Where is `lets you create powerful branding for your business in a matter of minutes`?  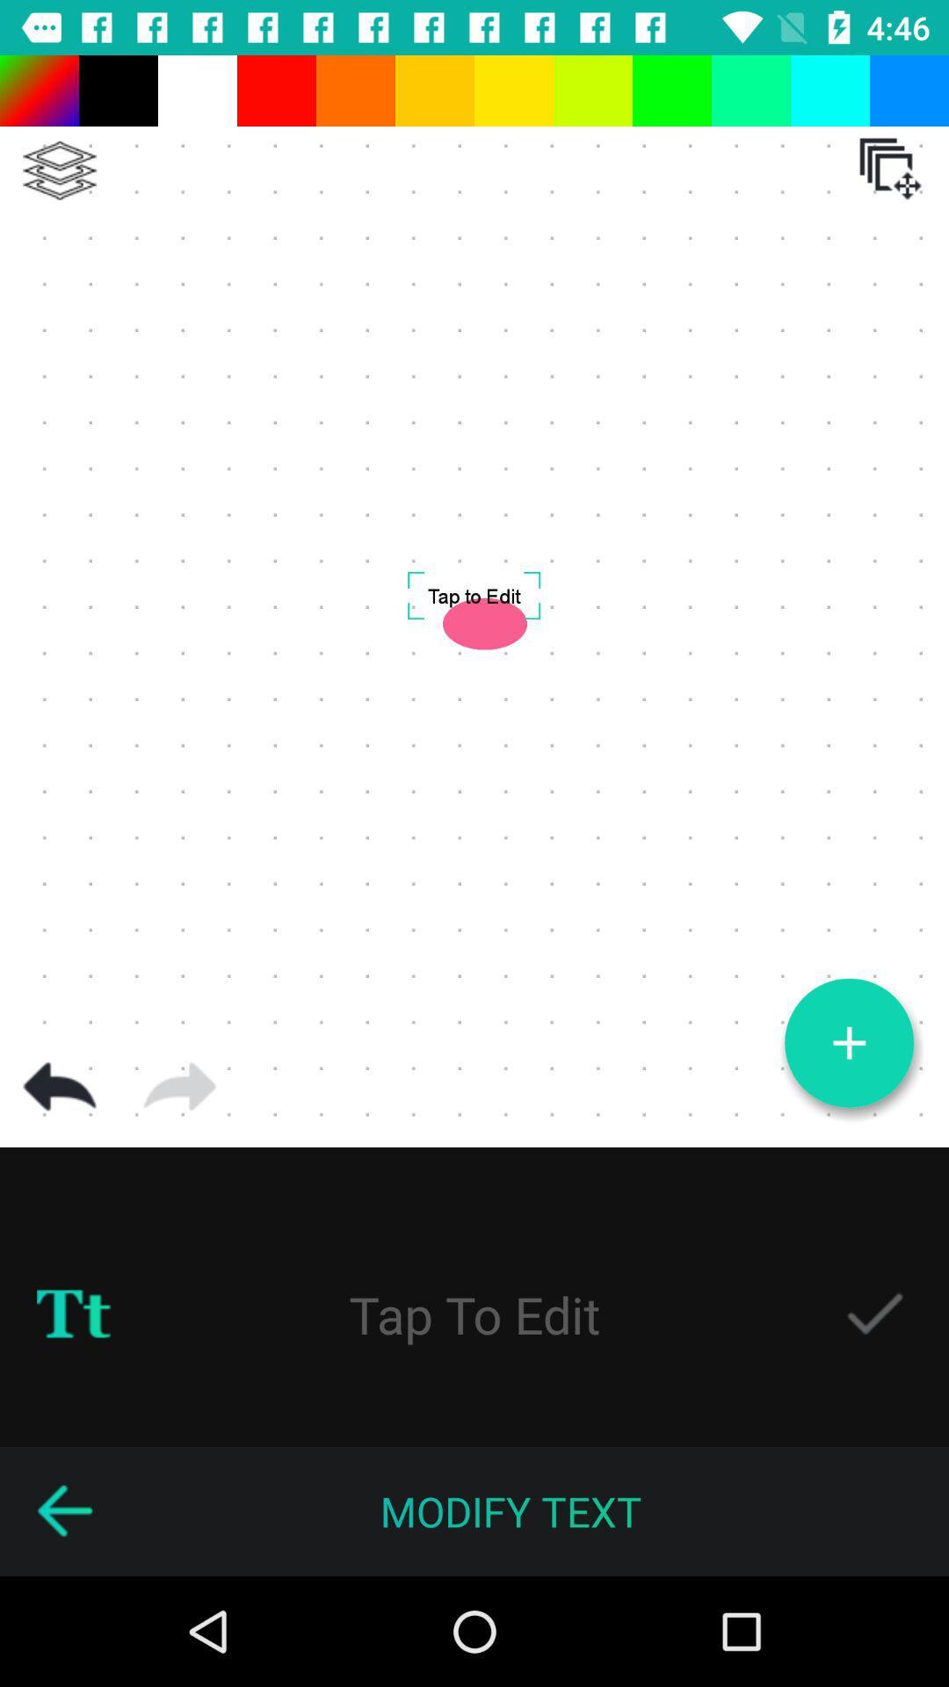 lets you create powerful branding for your business in a matter of minutes is located at coordinates (59, 170).